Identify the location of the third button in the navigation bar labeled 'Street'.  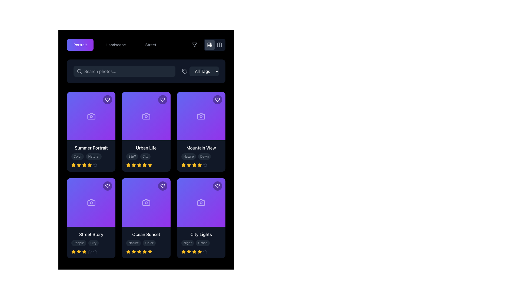
(146, 44).